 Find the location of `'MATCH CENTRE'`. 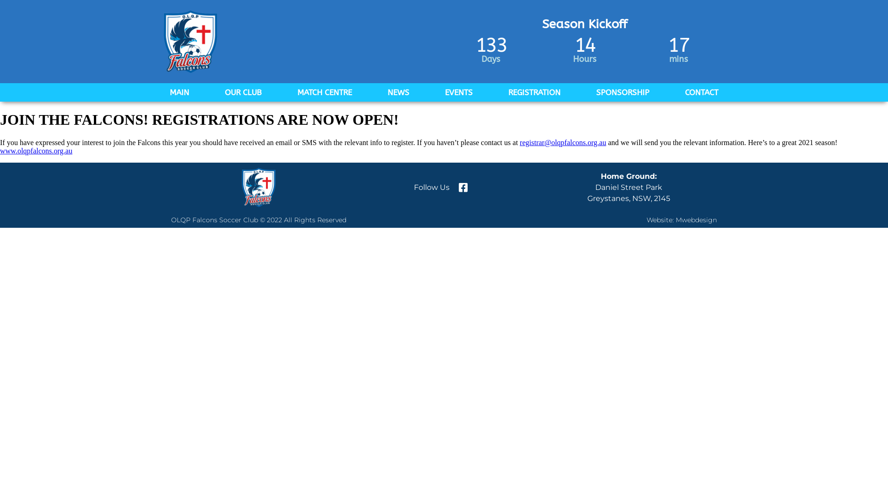

'MATCH CENTRE' is located at coordinates (324, 92).